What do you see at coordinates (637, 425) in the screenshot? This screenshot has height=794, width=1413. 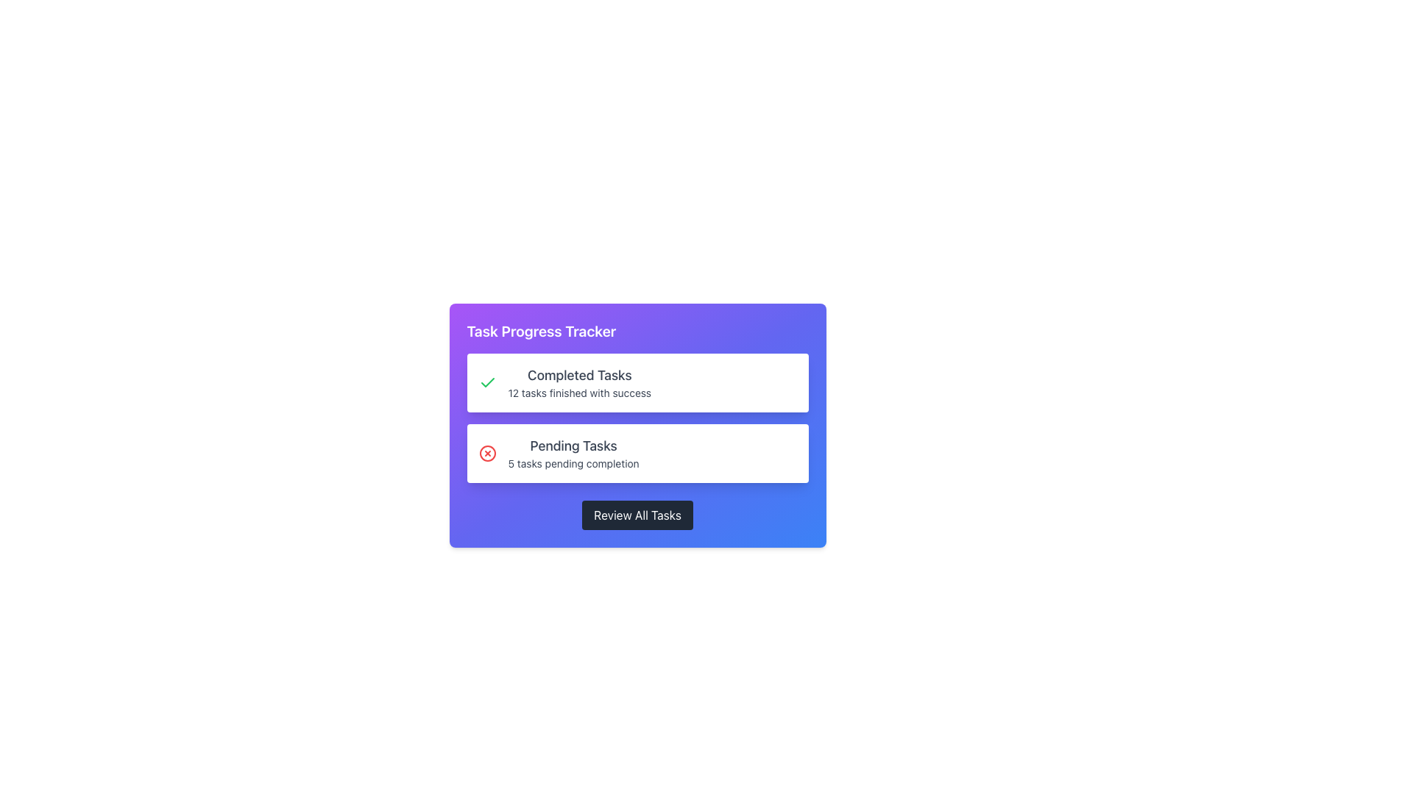 I see `the second informational block or card containing task information, which is framed within a white, rounded rectangle and features a gradient background transitioning from purple to blue` at bounding box center [637, 425].